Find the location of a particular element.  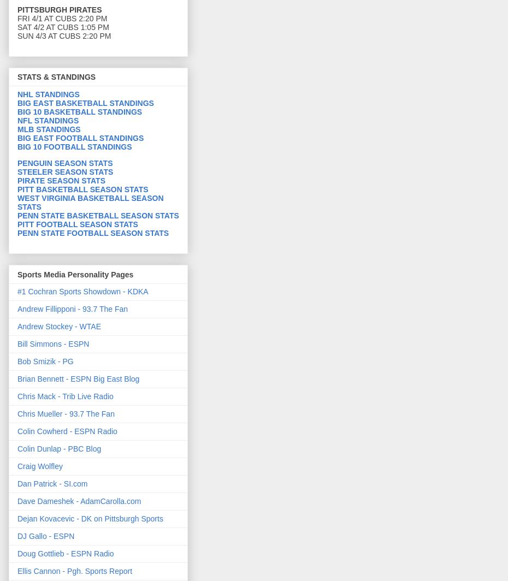

'Sports Media Personality Pages' is located at coordinates (75, 274).